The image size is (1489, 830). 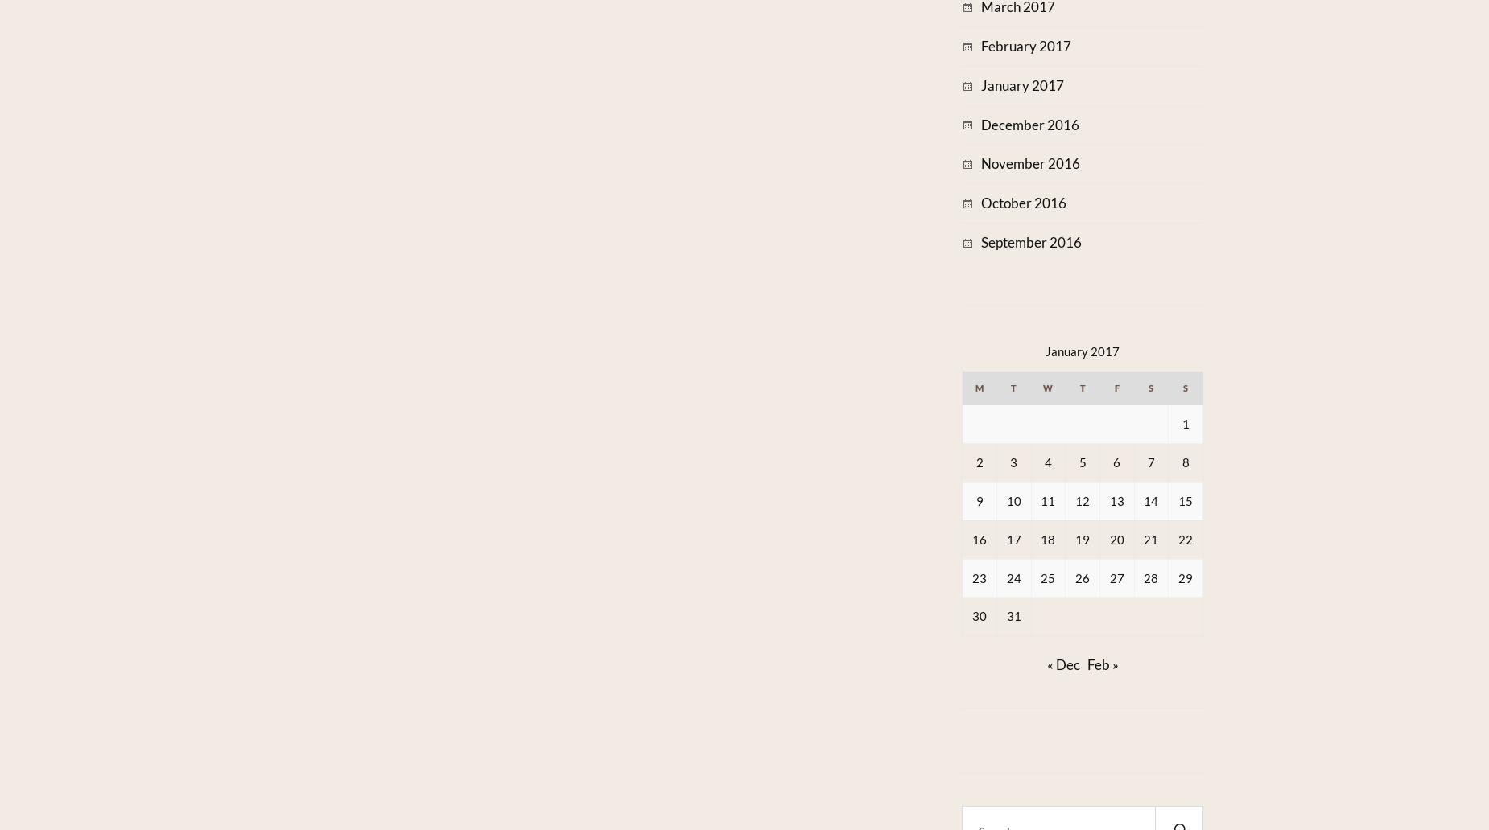 I want to click on '17', so click(x=1012, y=537).